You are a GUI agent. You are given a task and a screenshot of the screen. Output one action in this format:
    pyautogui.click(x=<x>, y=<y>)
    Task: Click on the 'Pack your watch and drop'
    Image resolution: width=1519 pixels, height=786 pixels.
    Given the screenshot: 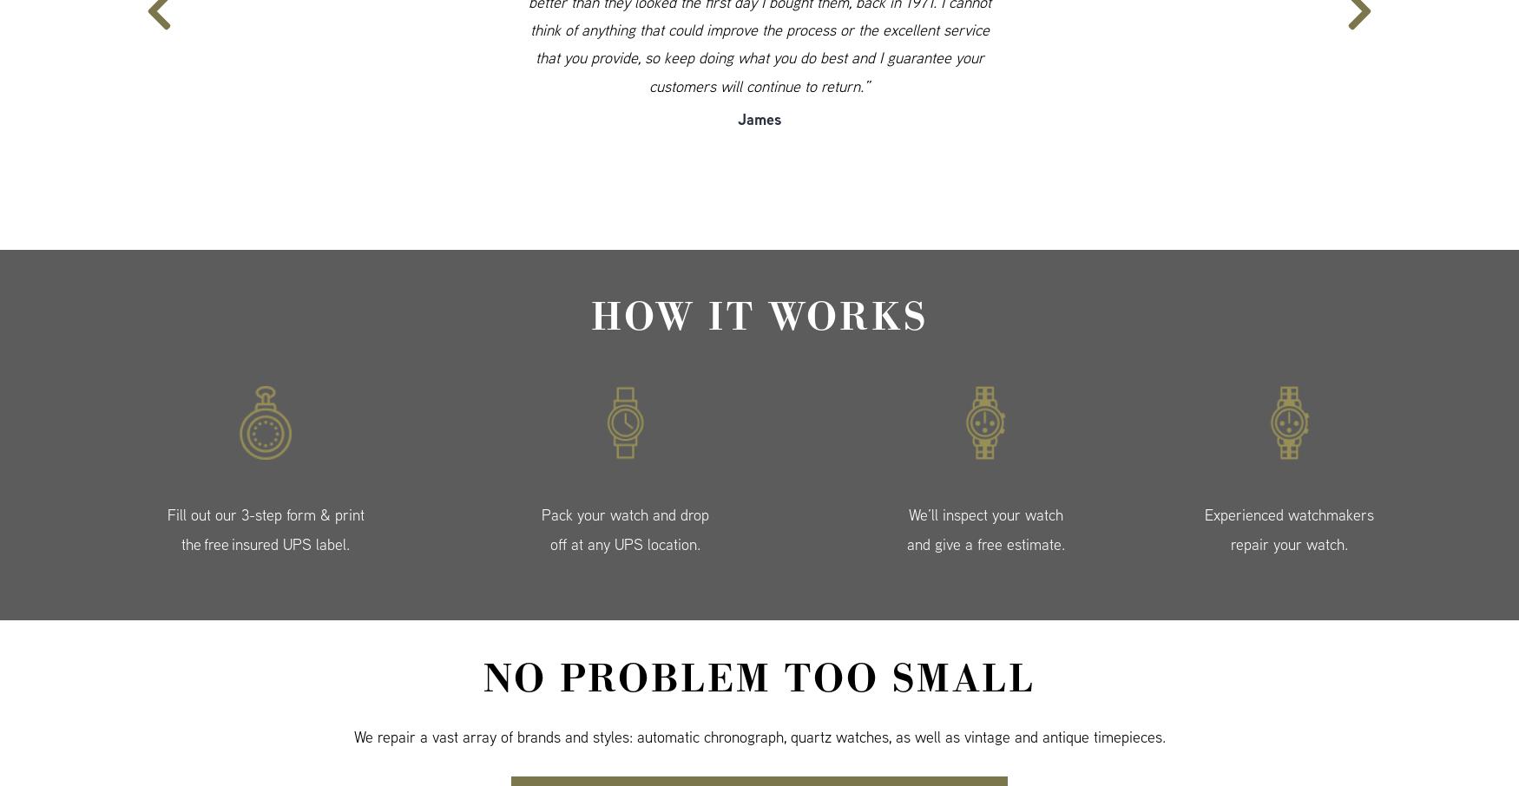 What is the action you would take?
    pyautogui.click(x=625, y=514)
    